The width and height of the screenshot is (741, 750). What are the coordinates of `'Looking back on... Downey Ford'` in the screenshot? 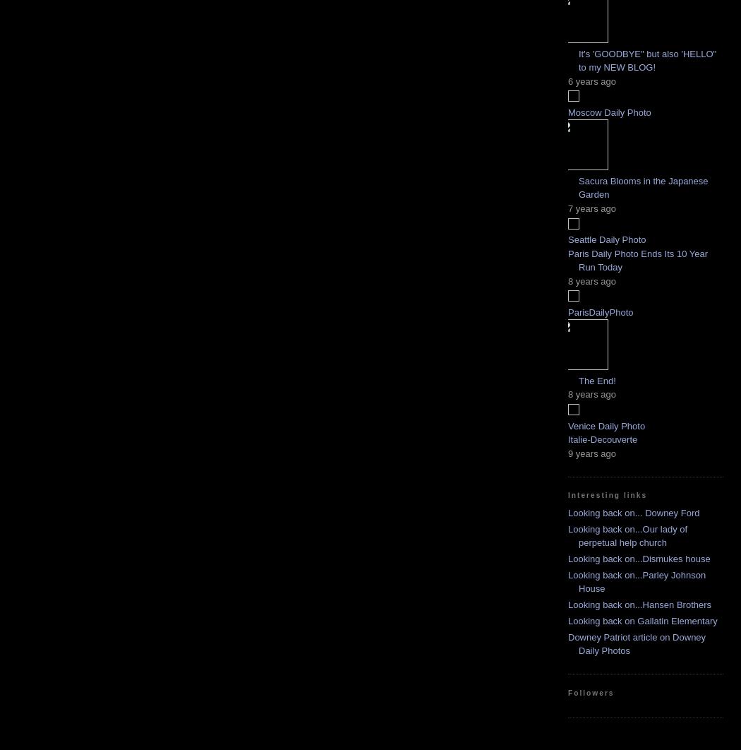 It's located at (632, 513).